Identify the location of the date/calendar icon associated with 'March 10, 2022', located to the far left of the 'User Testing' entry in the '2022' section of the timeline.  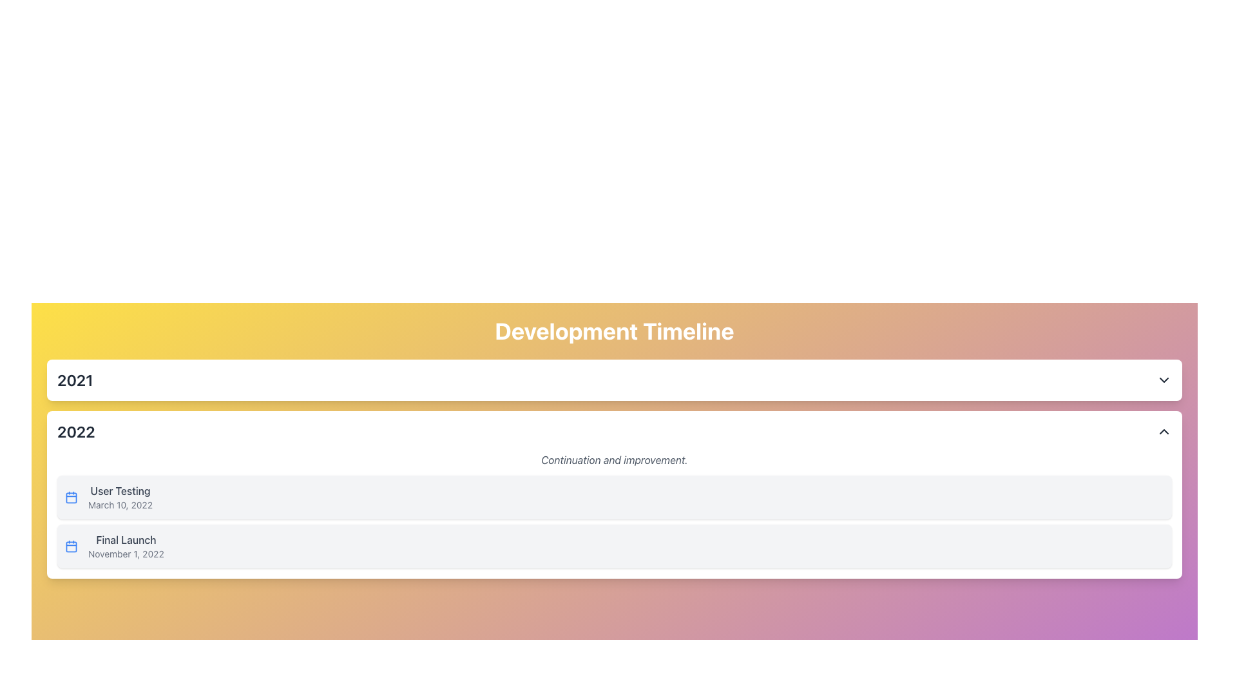
(70, 496).